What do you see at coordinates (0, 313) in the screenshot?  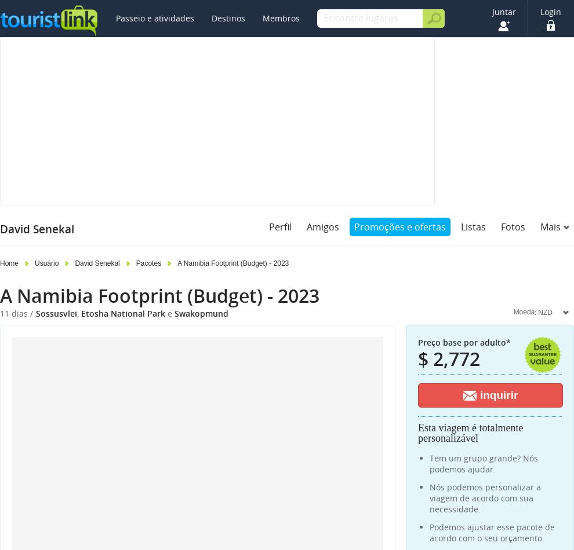 I see `'11 dias /'` at bounding box center [0, 313].